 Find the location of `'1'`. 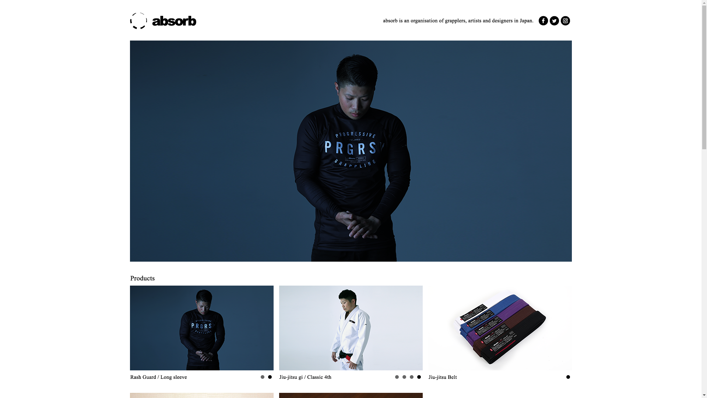

'1' is located at coordinates (268, 377).